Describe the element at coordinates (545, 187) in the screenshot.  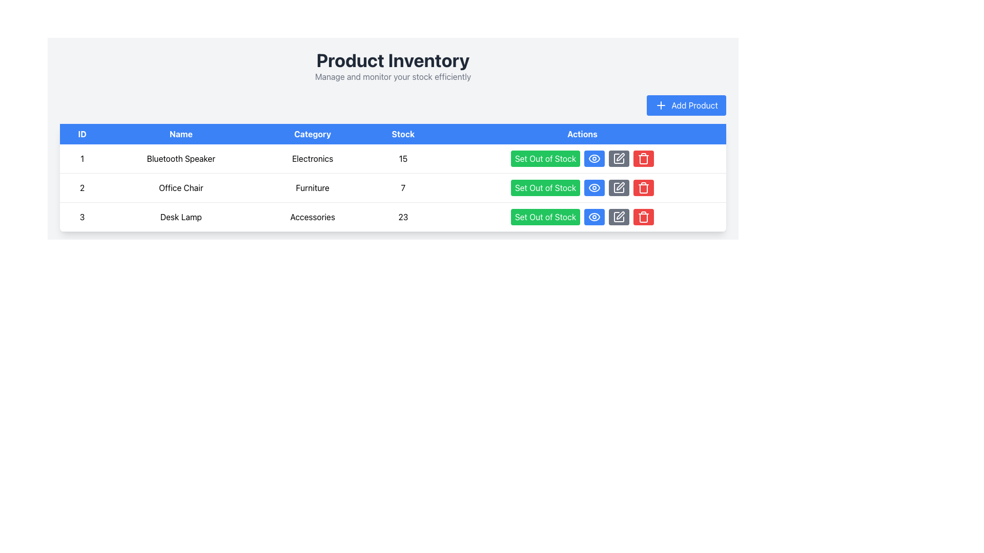
I see `the 'Out of Stock' button in the Actions column of the second row to trigger a color change` at that location.